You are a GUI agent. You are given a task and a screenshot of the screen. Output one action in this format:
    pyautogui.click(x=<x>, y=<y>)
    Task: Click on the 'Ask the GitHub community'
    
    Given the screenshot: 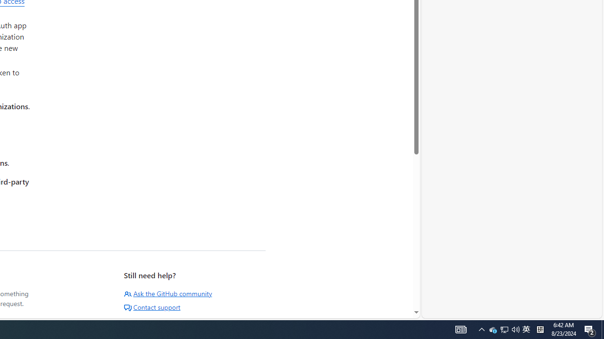 What is the action you would take?
    pyautogui.click(x=168, y=293)
    